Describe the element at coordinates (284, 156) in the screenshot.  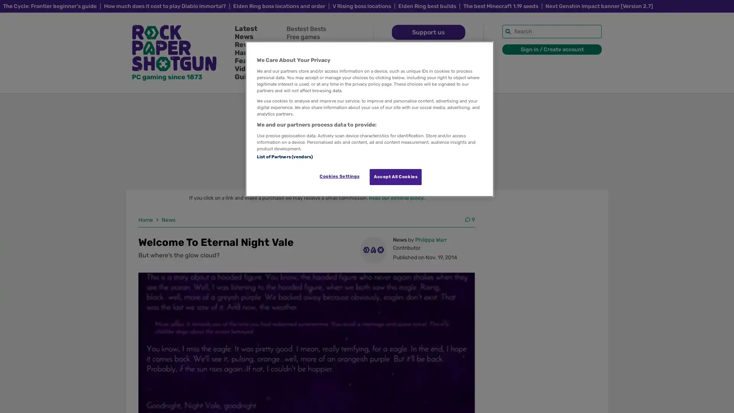
I see `List of Partners (vendors)` at that location.